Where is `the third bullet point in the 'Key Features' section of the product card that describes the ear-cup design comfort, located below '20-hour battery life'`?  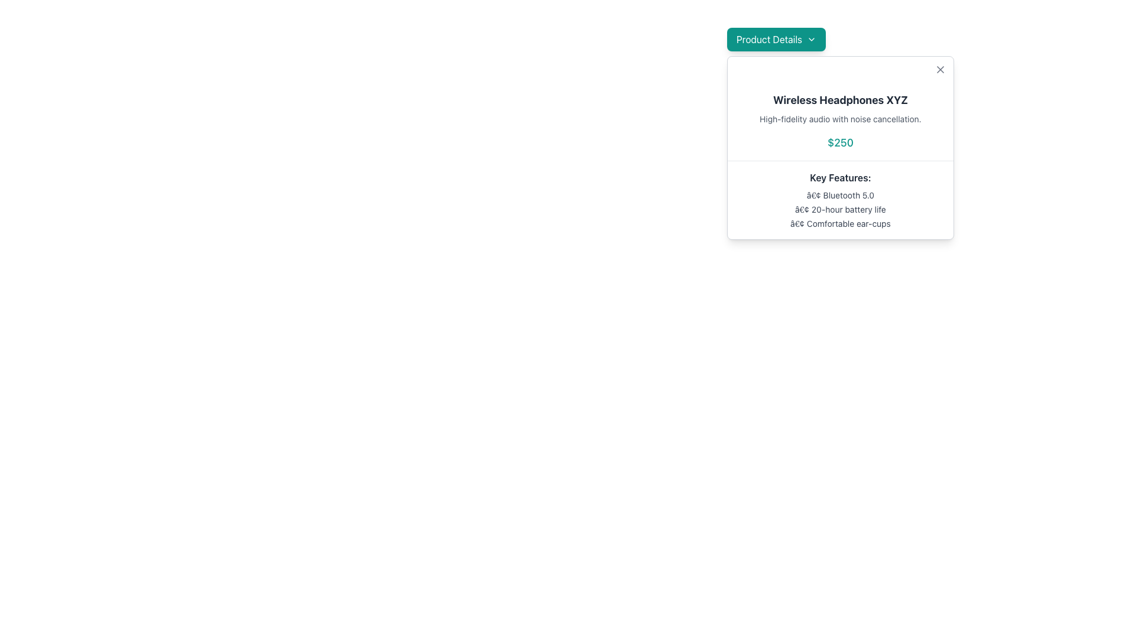 the third bullet point in the 'Key Features' section of the product card that describes the ear-cup design comfort, located below '20-hour battery life' is located at coordinates (839, 223).